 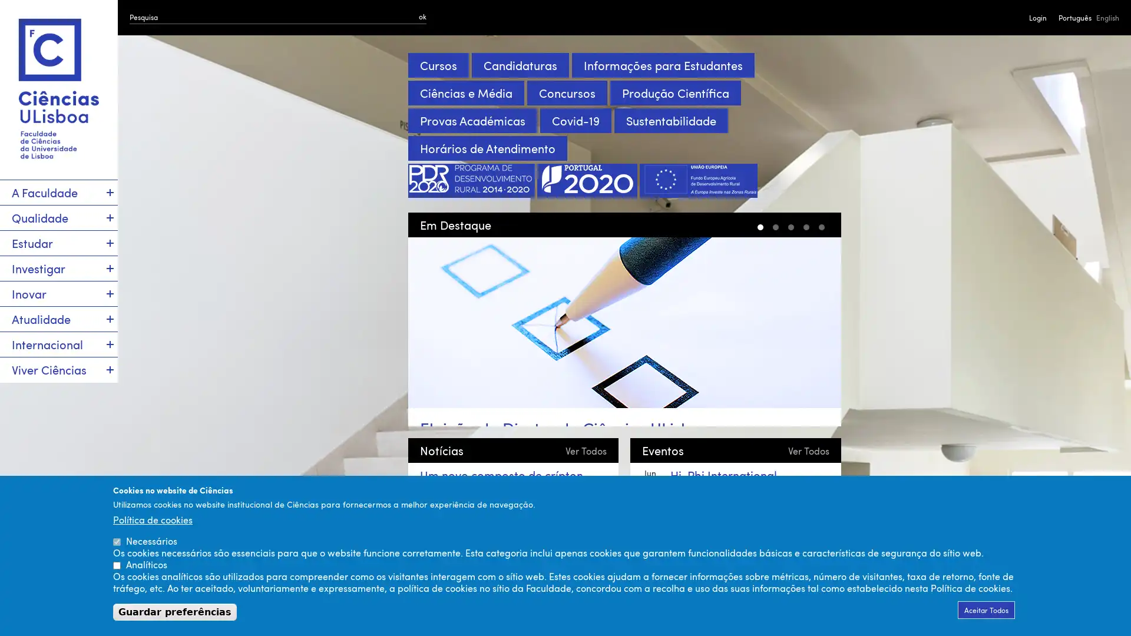 I want to click on Politica de cookies, so click(x=152, y=519).